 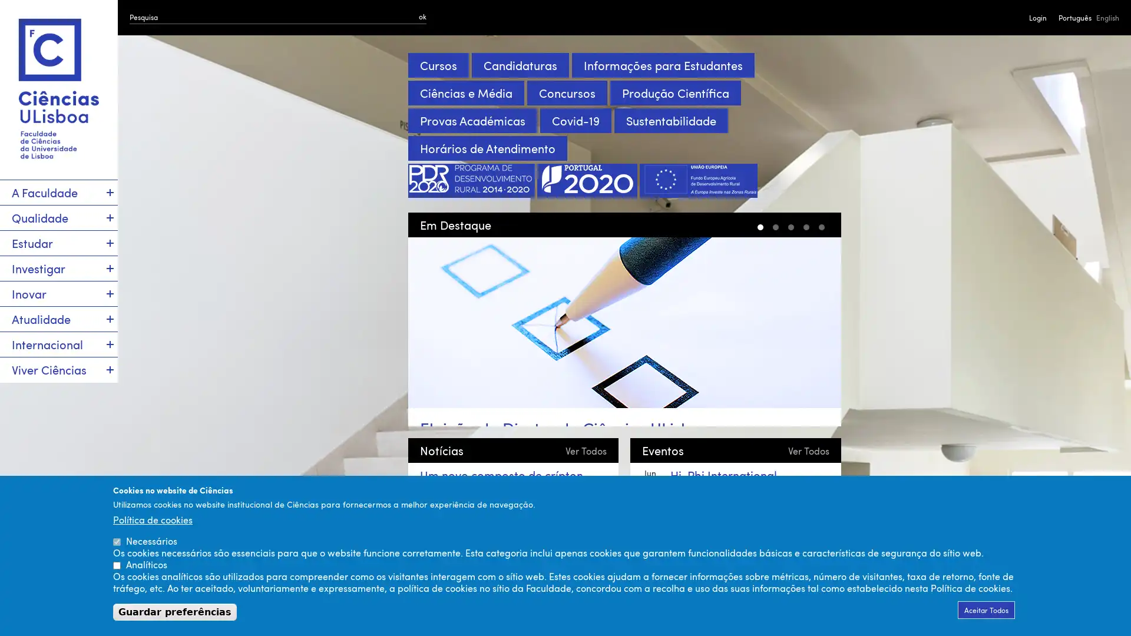 I want to click on Politica de cookies, so click(x=152, y=519).